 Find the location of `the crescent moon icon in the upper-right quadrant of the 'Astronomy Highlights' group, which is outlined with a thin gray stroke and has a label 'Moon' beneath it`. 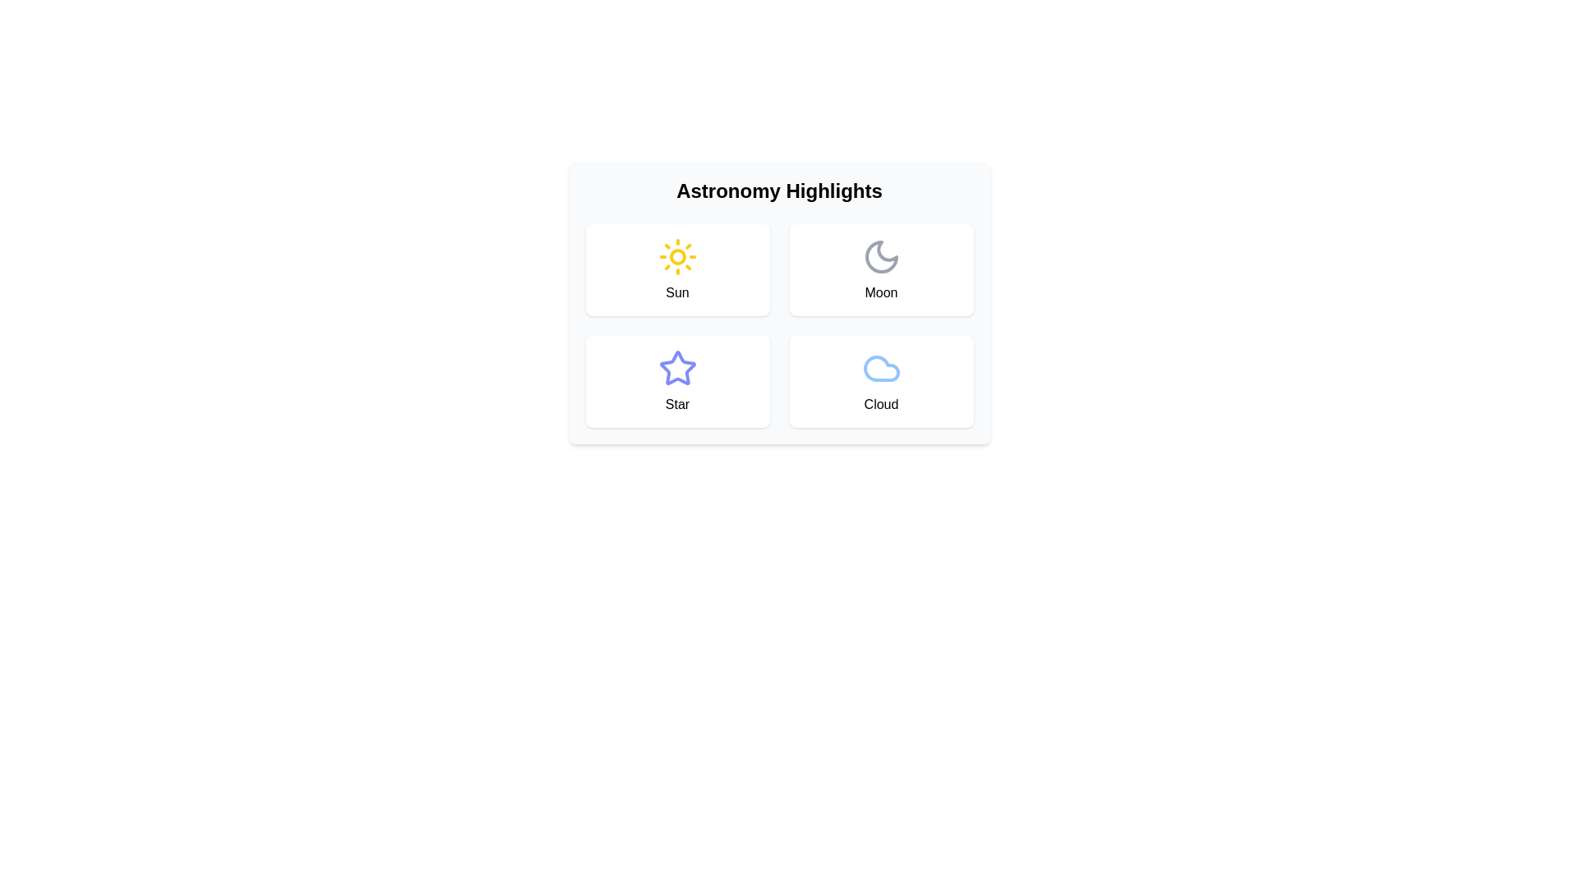

the crescent moon icon in the upper-right quadrant of the 'Astronomy Highlights' group, which is outlined with a thin gray stroke and has a label 'Moon' beneath it is located at coordinates (880, 256).